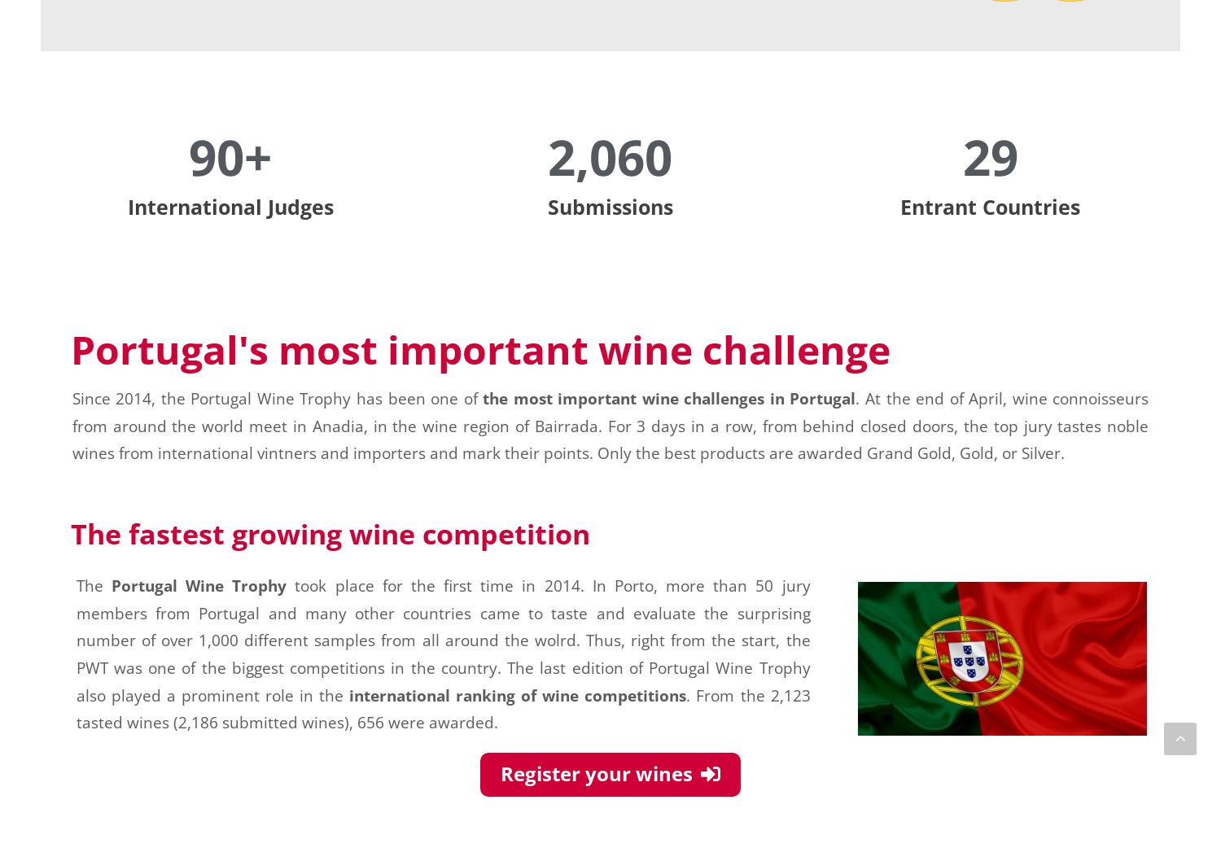  I want to click on 'Entrant Countries', so click(899, 206).